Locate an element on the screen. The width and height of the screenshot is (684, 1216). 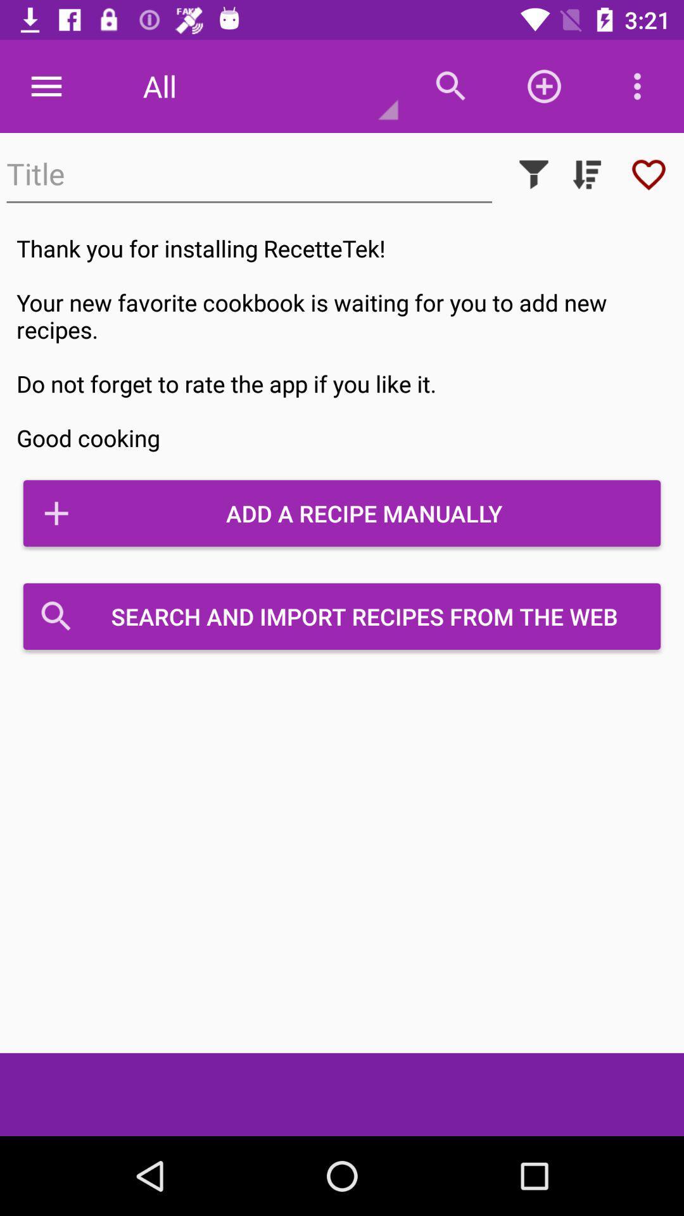
item above the thank you for icon is located at coordinates (534, 174).